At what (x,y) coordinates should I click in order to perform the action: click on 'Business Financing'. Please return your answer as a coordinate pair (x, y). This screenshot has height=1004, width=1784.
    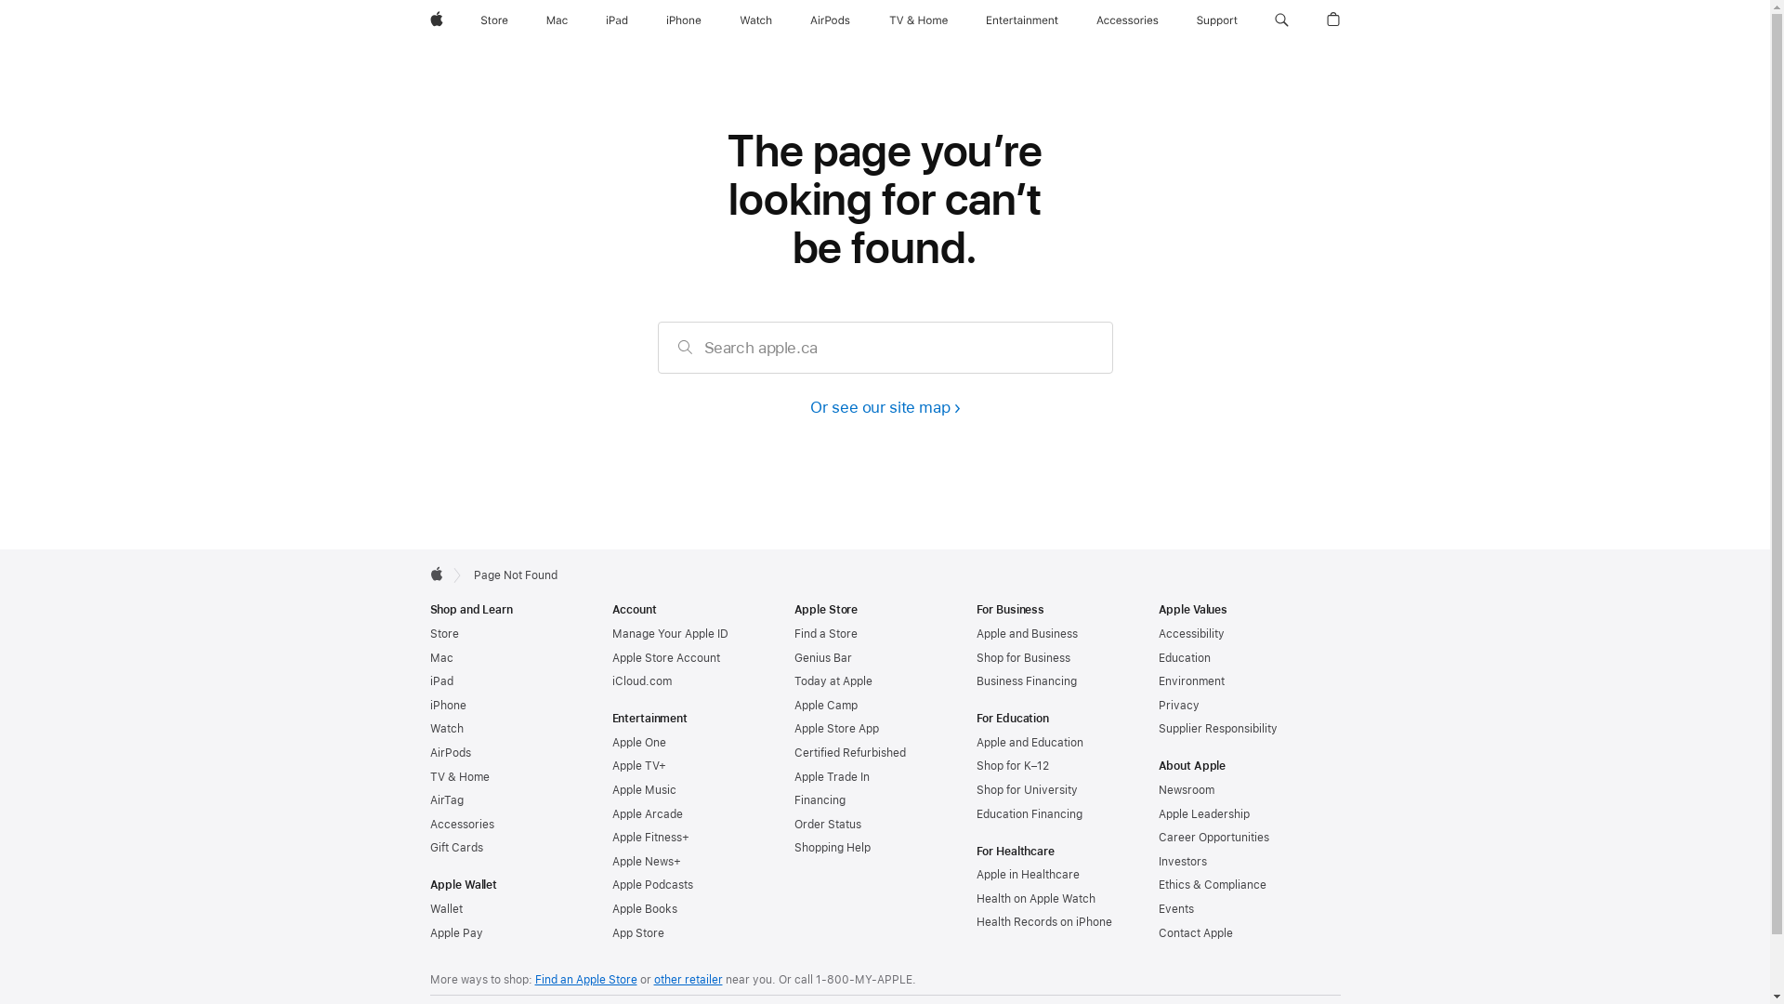
    Looking at the image, I should click on (975, 680).